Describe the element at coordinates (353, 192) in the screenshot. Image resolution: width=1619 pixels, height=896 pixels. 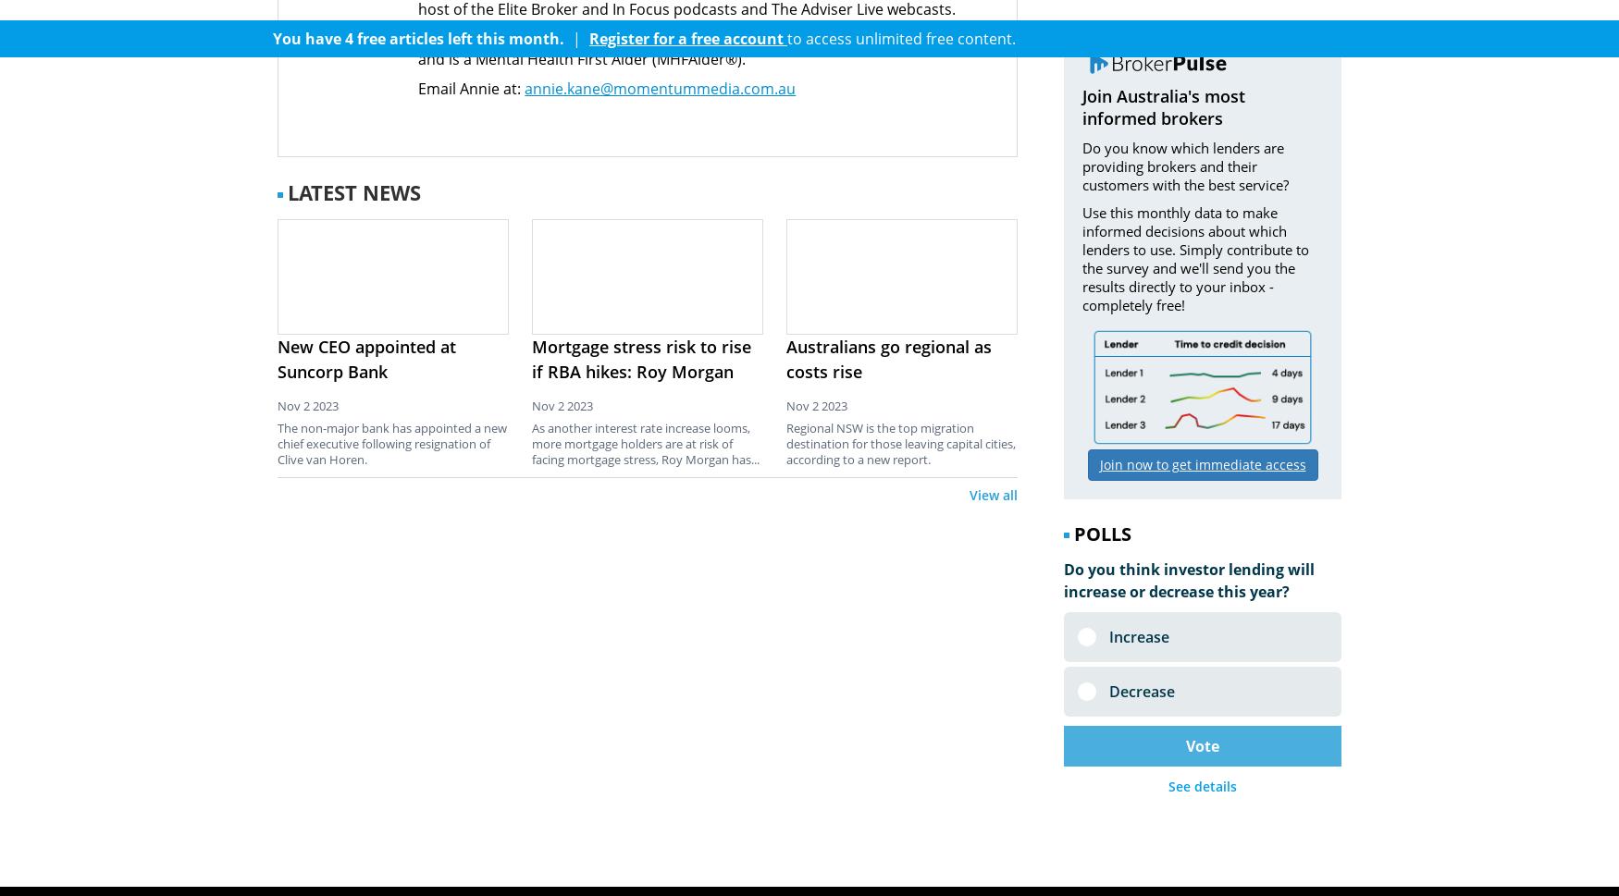
I see `'Latest News'` at that location.